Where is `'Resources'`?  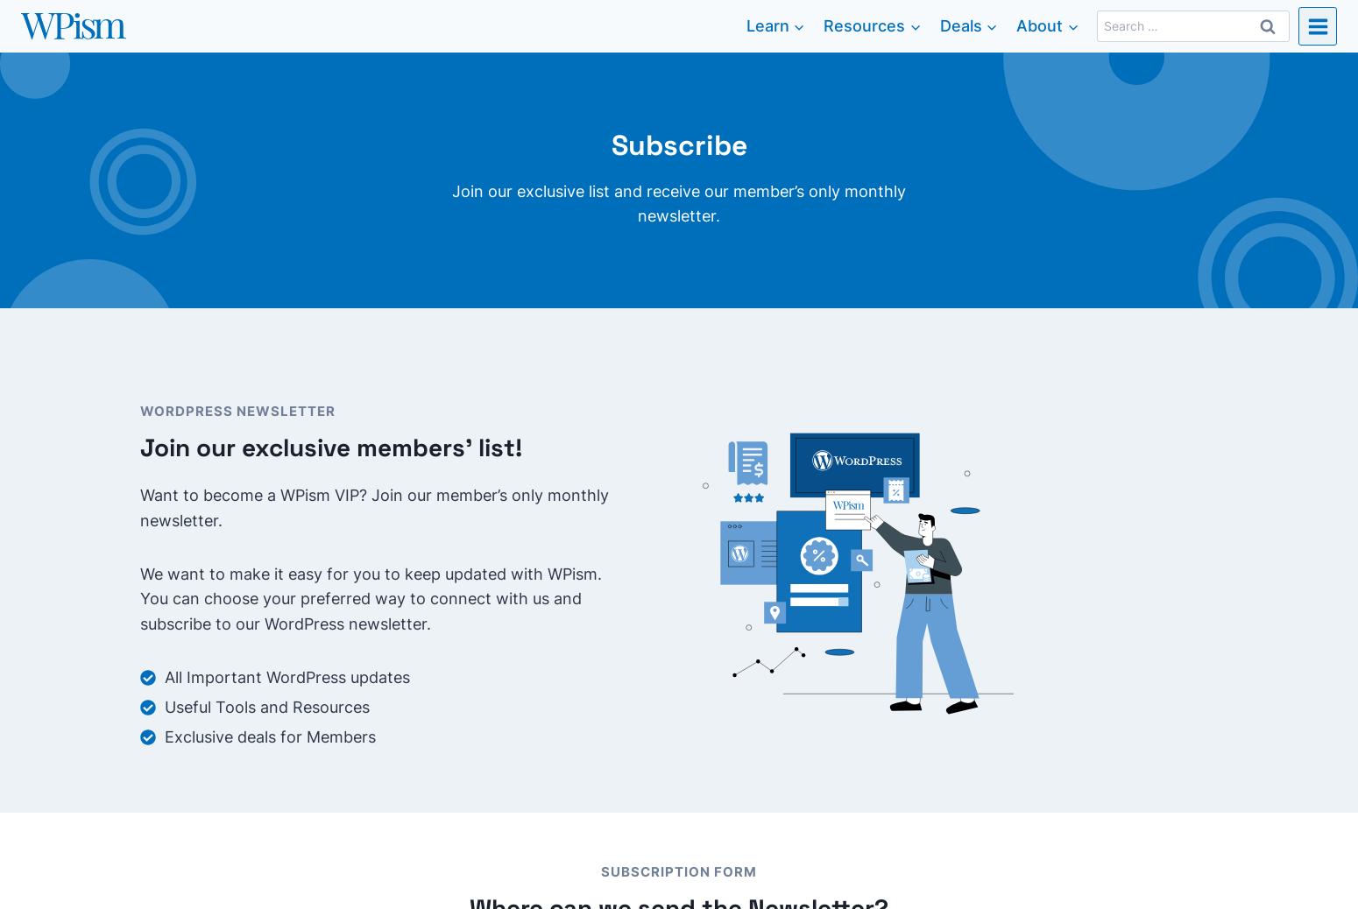
'Resources' is located at coordinates (823, 24).